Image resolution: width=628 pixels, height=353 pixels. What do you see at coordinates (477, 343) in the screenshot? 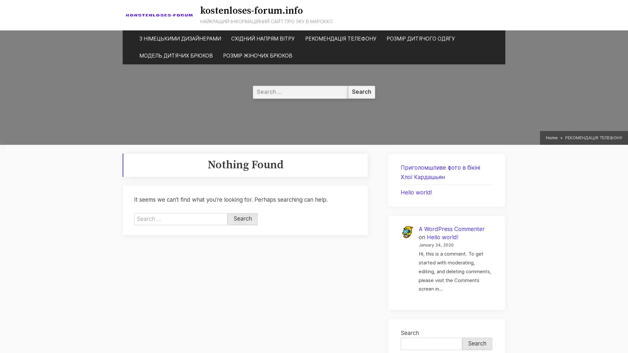
I see `Search` at bounding box center [477, 343].